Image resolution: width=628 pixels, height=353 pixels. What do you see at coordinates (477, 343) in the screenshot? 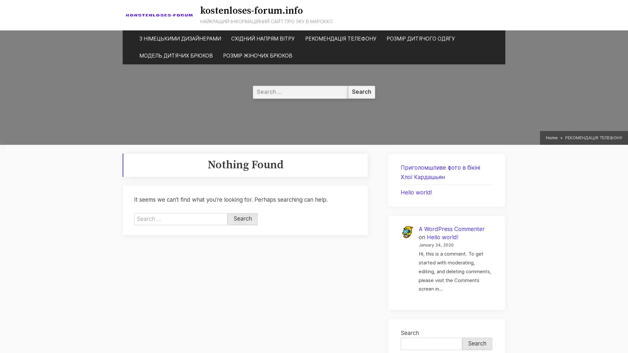
I see `Search` at bounding box center [477, 343].